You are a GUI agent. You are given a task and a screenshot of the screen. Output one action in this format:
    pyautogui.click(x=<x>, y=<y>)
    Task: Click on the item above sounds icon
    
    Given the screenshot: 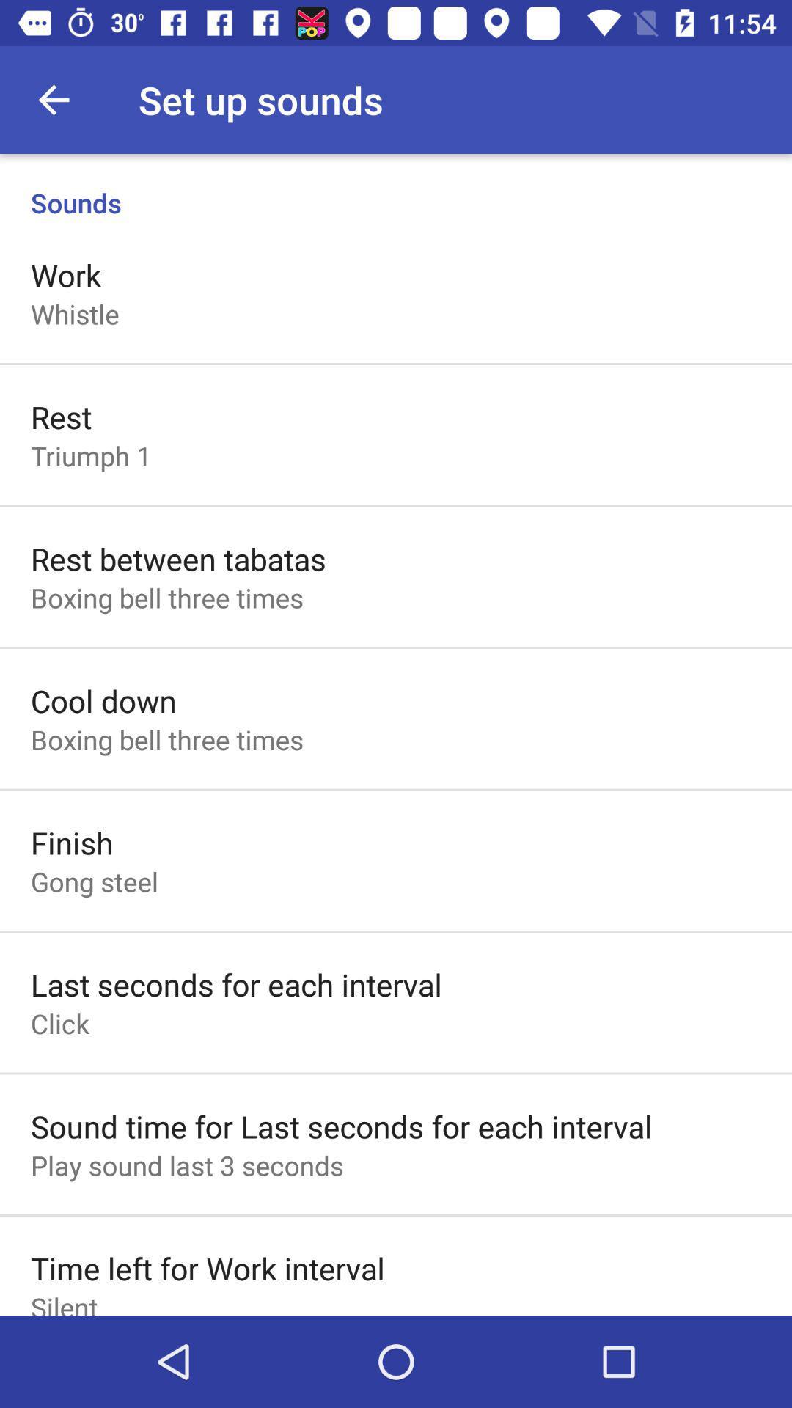 What is the action you would take?
    pyautogui.click(x=53, y=99)
    